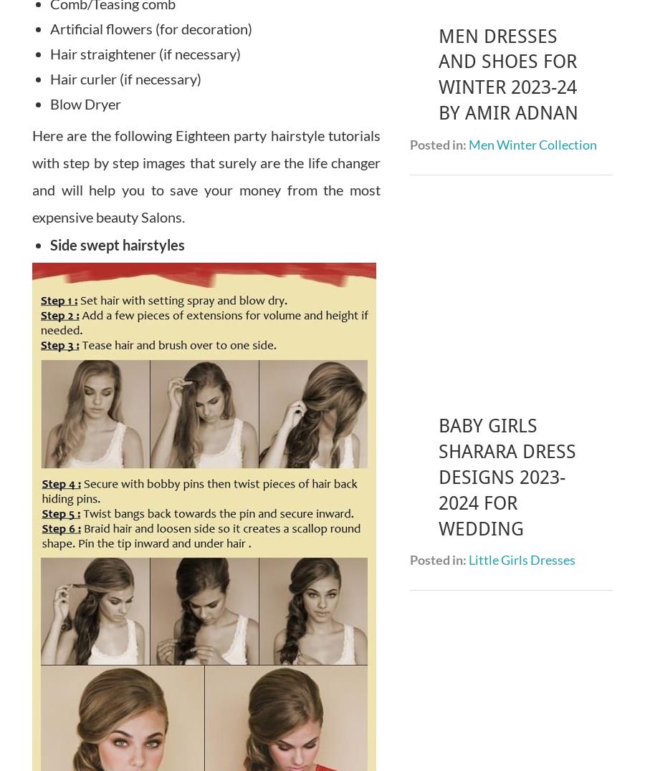 Image resolution: width=645 pixels, height=771 pixels. What do you see at coordinates (150, 27) in the screenshot?
I see `'Artificial flowers (for decoration)'` at bounding box center [150, 27].